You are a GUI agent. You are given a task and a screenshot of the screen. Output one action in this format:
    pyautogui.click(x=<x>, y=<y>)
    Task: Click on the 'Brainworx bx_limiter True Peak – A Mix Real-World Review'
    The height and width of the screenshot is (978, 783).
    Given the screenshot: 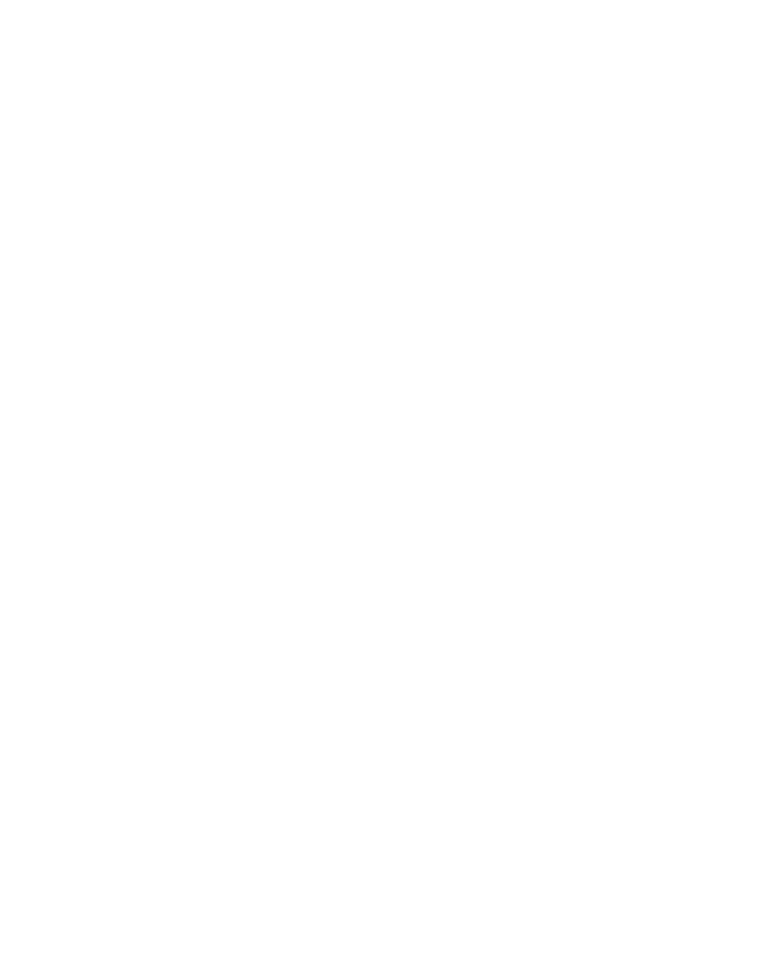 What is the action you would take?
    pyautogui.click(x=346, y=735)
    